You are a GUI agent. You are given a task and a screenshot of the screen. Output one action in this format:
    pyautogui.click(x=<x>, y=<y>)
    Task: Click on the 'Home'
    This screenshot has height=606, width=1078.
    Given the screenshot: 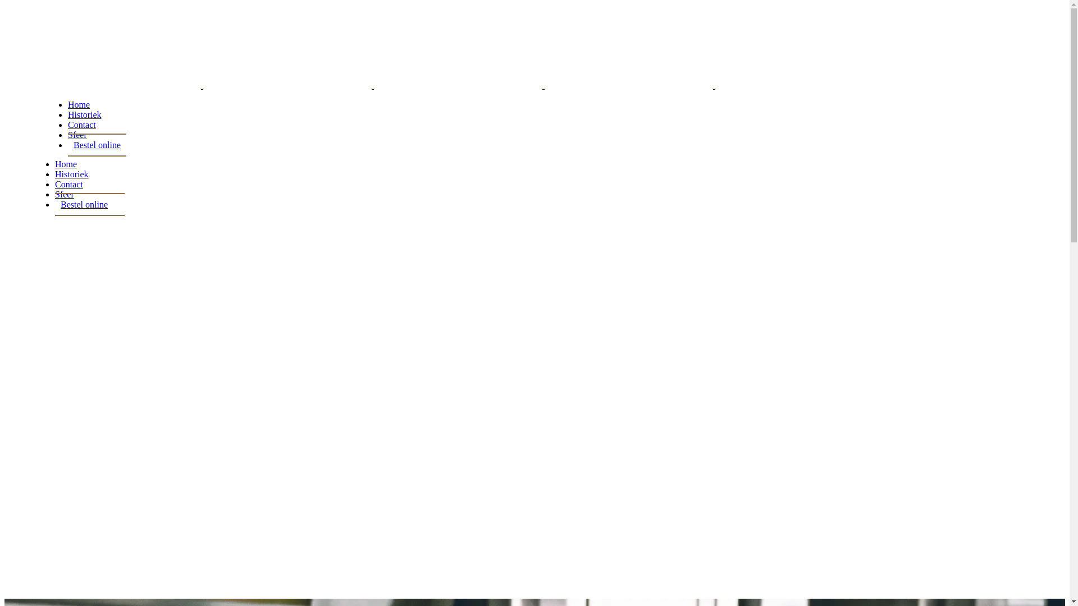 What is the action you would take?
    pyautogui.click(x=65, y=164)
    